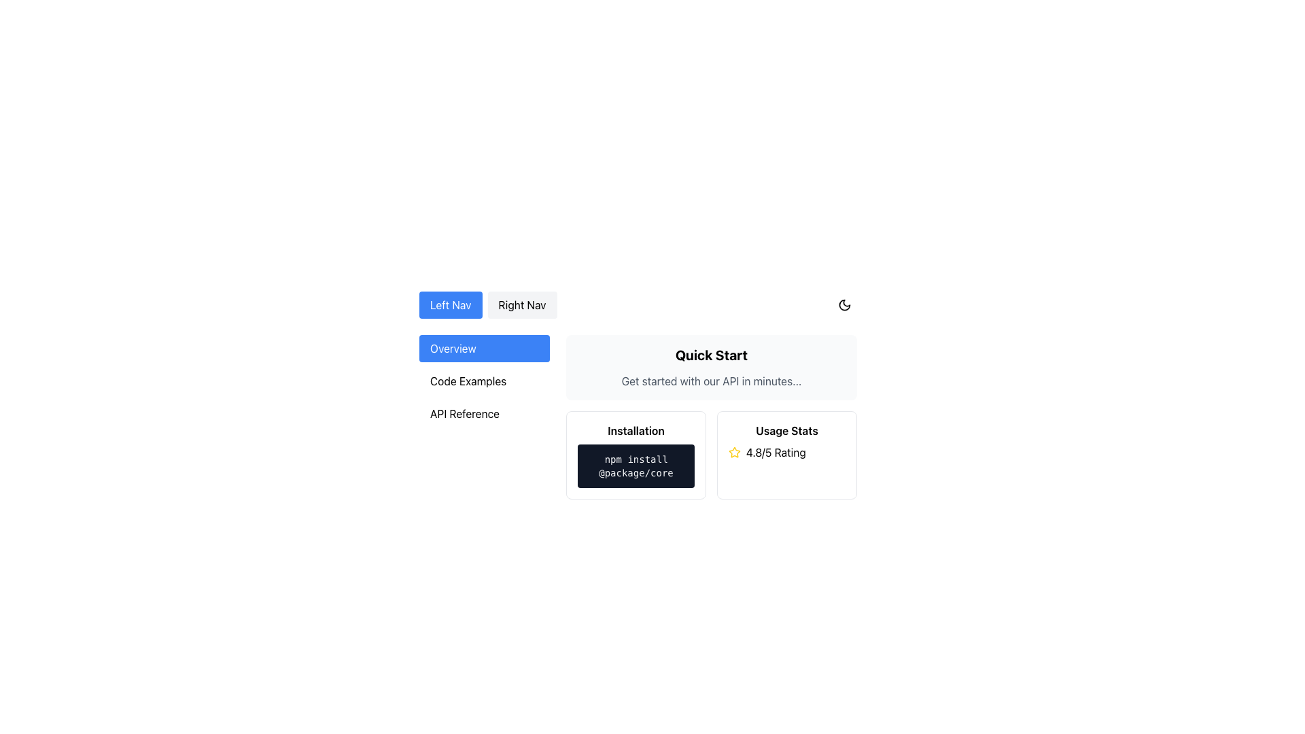 The width and height of the screenshot is (1305, 734). Describe the element at coordinates (776, 453) in the screenshot. I see `text displayed in the Text Label showing '4.8/5 Rating' in bold black font, located in the 'Usage Stats' section next to a yellow star icon` at that location.